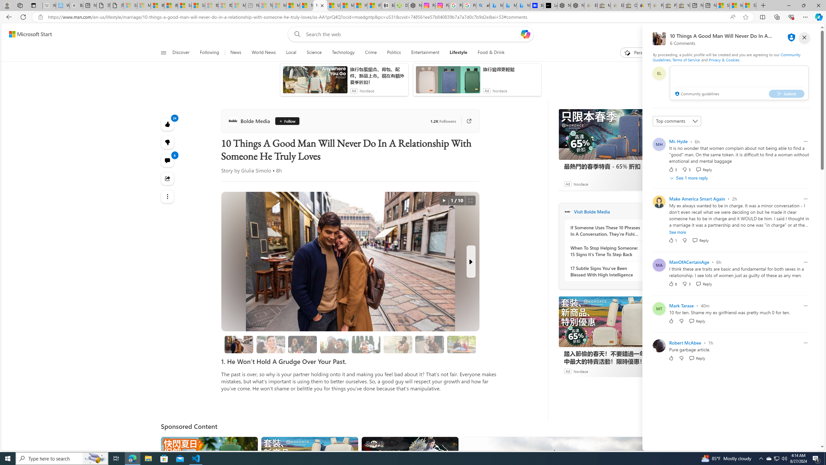 The height and width of the screenshot is (465, 826). What do you see at coordinates (525, 34) in the screenshot?
I see `'Open Copilot'` at bounding box center [525, 34].